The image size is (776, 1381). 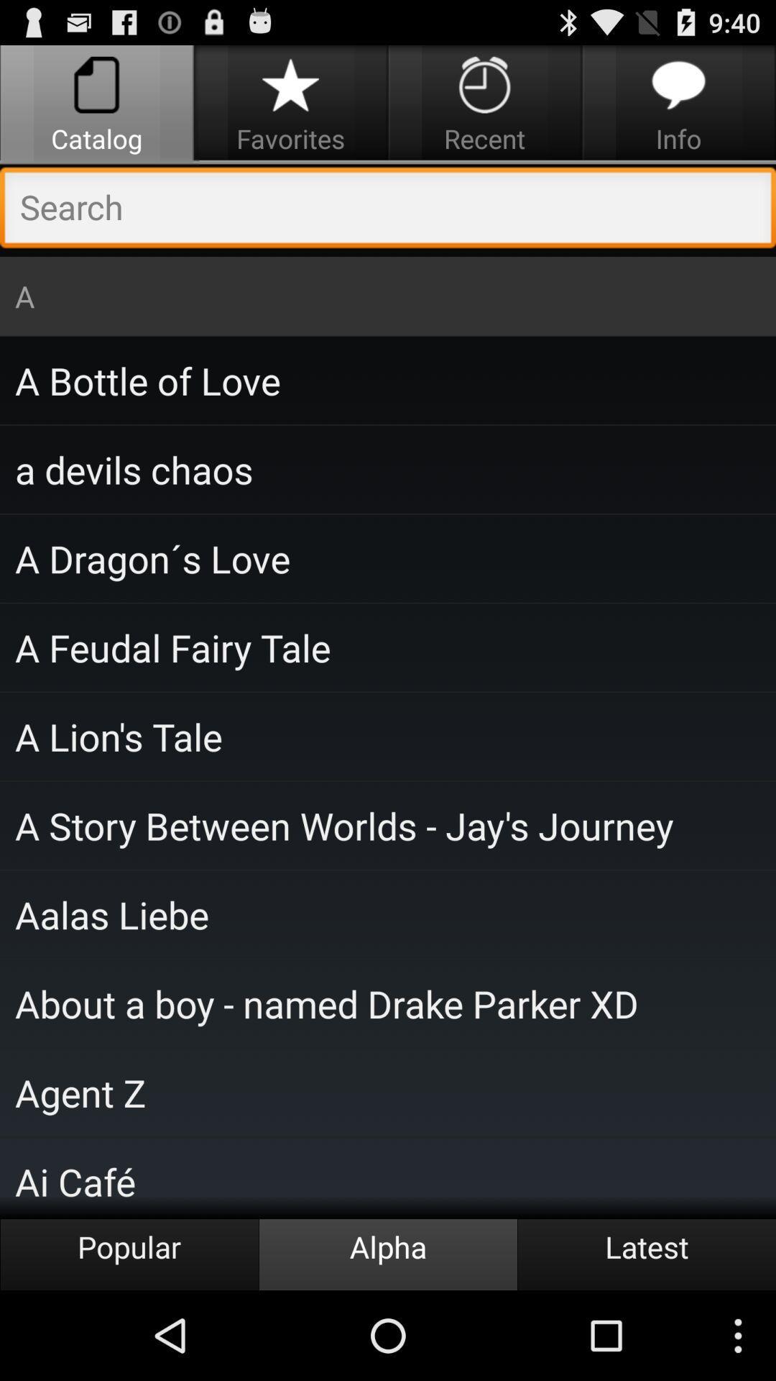 What do you see at coordinates (388, 469) in the screenshot?
I see `the item below the a bottle of item` at bounding box center [388, 469].